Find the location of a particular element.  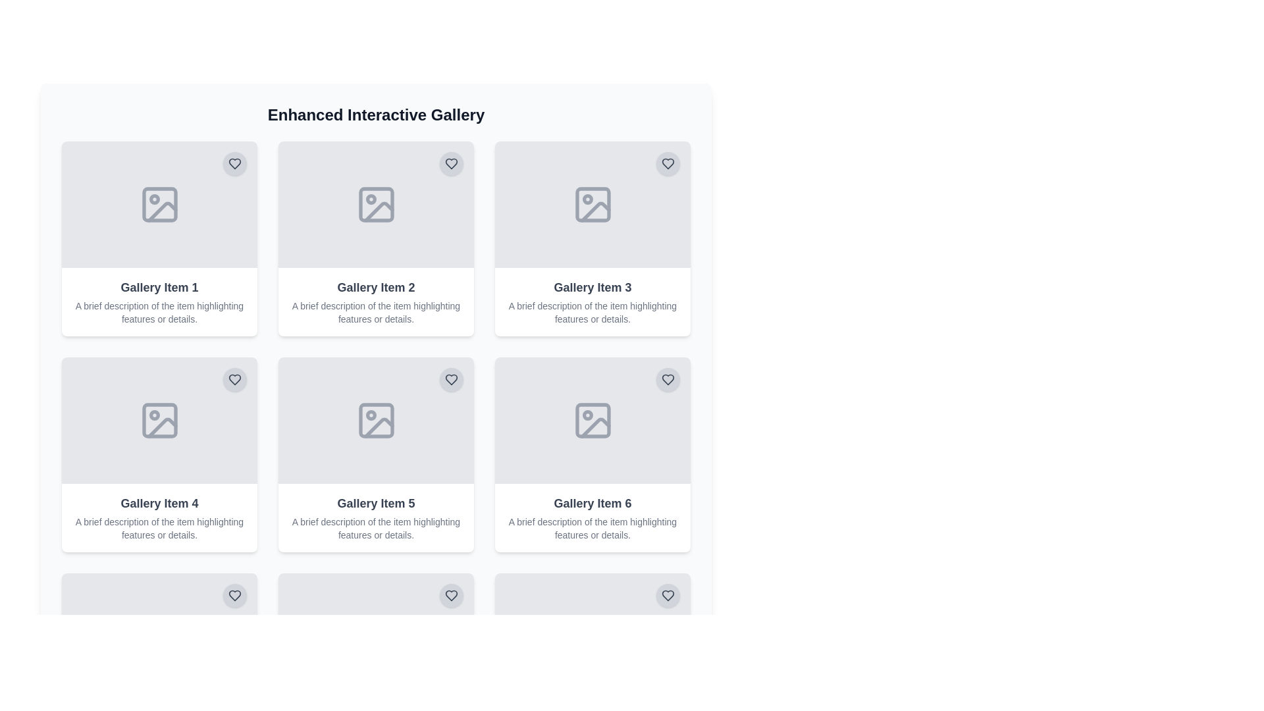

the circular decorative element located within the fifth gallery item in the second row and middle column of the grid is located at coordinates (370, 415).